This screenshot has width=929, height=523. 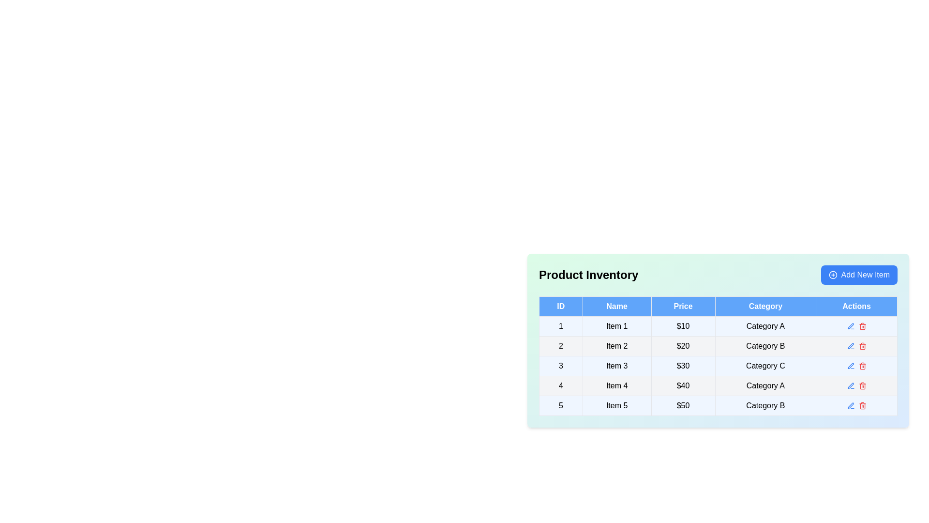 What do you see at coordinates (718, 343) in the screenshot?
I see `the cell in the second row of the 'Product Inventory' table` at bounding box center [718, 343].